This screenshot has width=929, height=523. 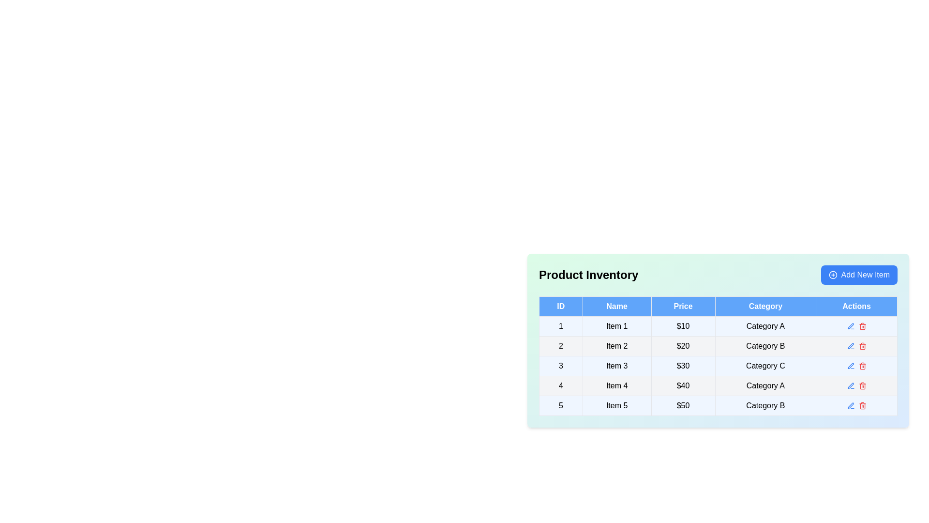 What do you see at coordinates (718, 343) in the screenshot?
I see `the cell in the second row of the 'Product Inventory' table` at bounding box center [718, 343].